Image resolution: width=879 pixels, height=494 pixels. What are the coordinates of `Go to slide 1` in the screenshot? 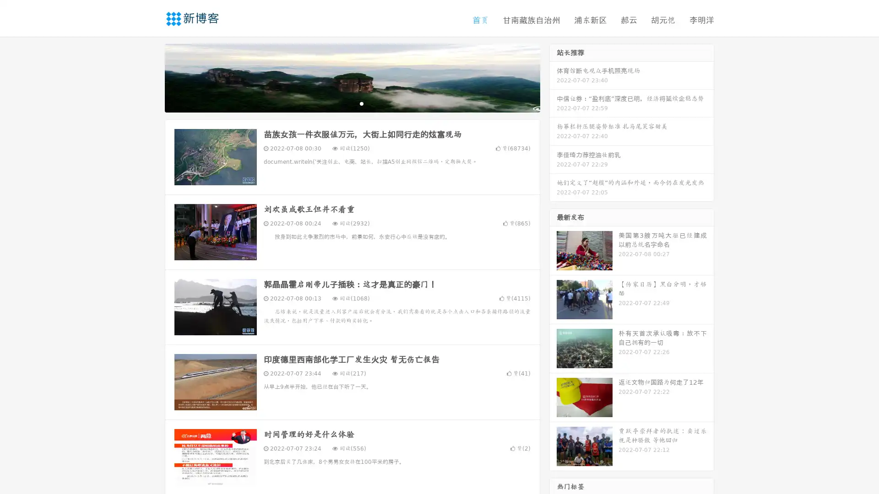 It's located at (342, 103).